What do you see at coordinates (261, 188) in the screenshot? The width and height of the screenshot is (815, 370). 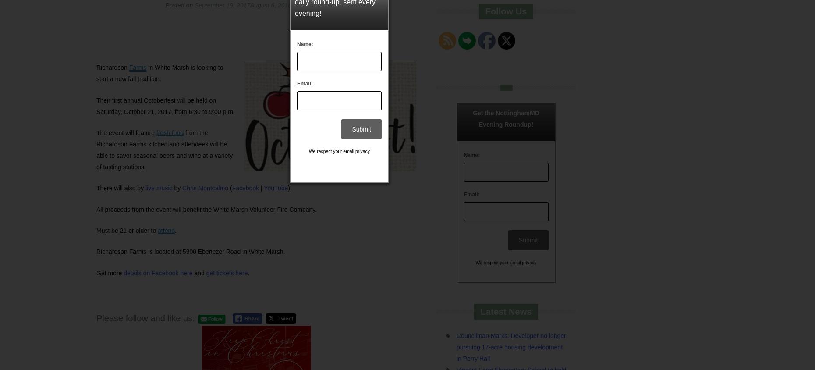 I see `'|'` at bounding box center [261, 188].